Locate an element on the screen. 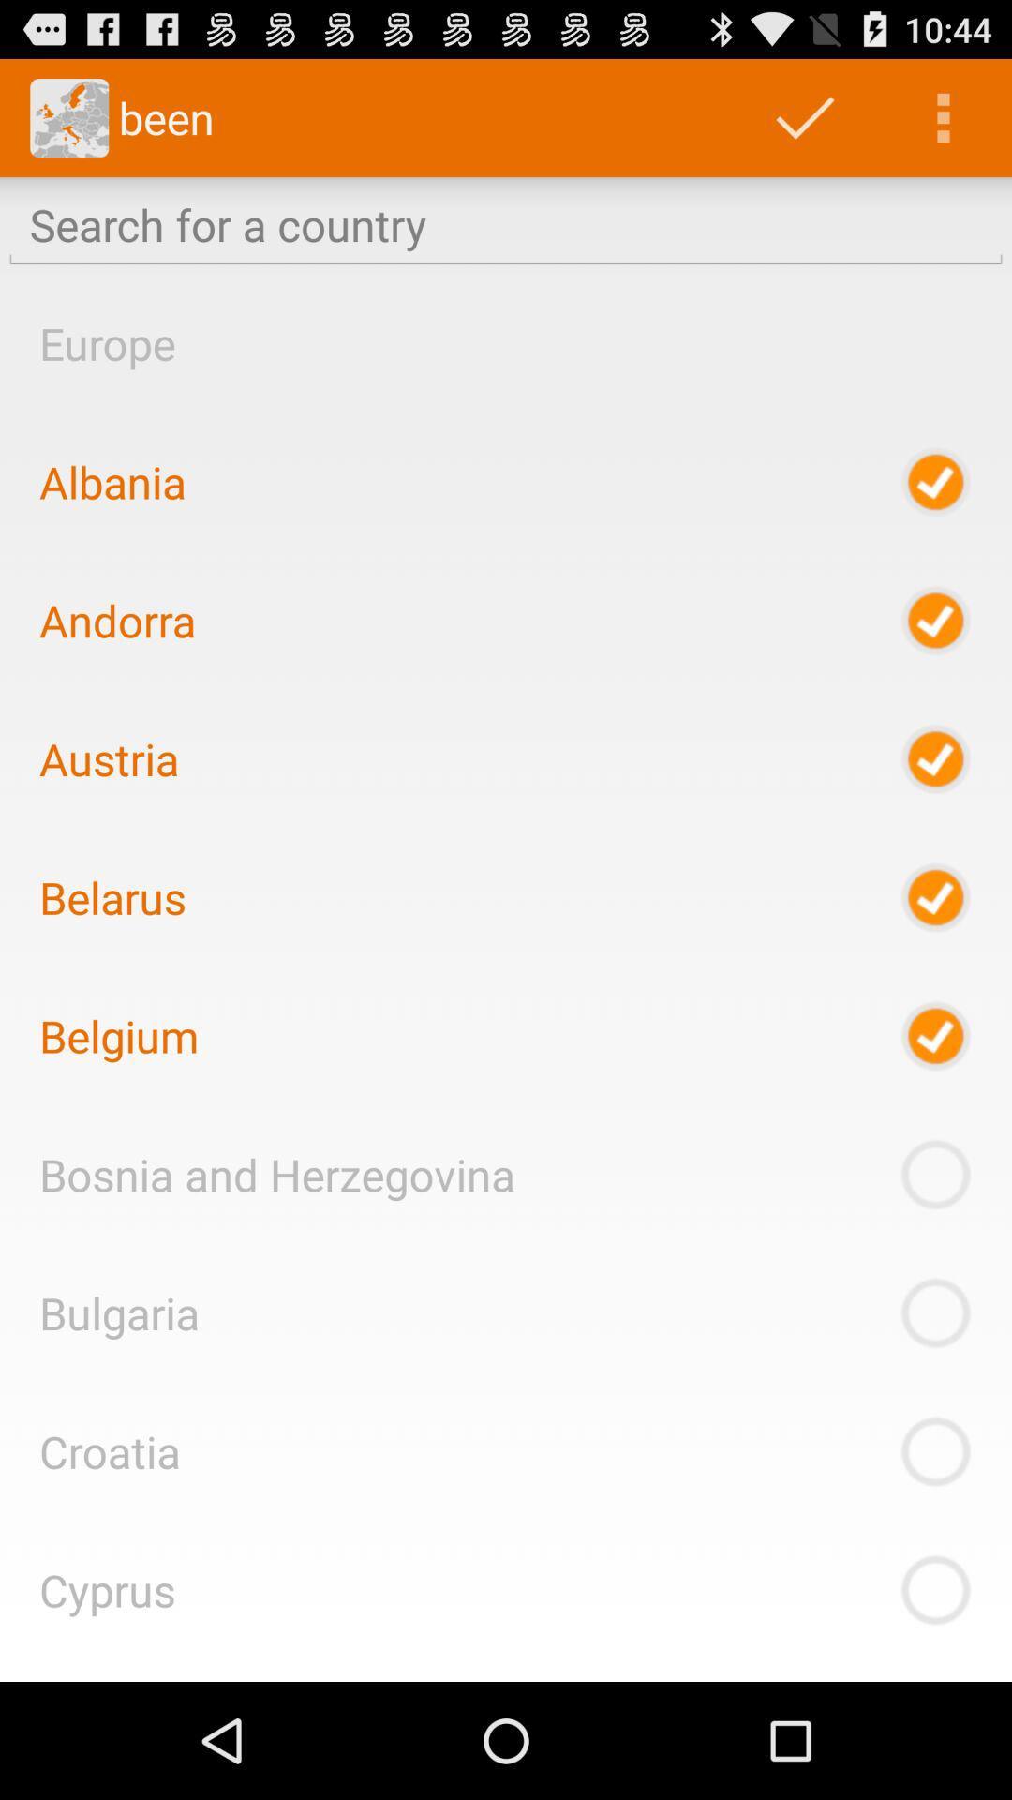 This screenshot has height=1800, width=1012. bosnia and herzegovina item is located at coordinates (276, 1173).